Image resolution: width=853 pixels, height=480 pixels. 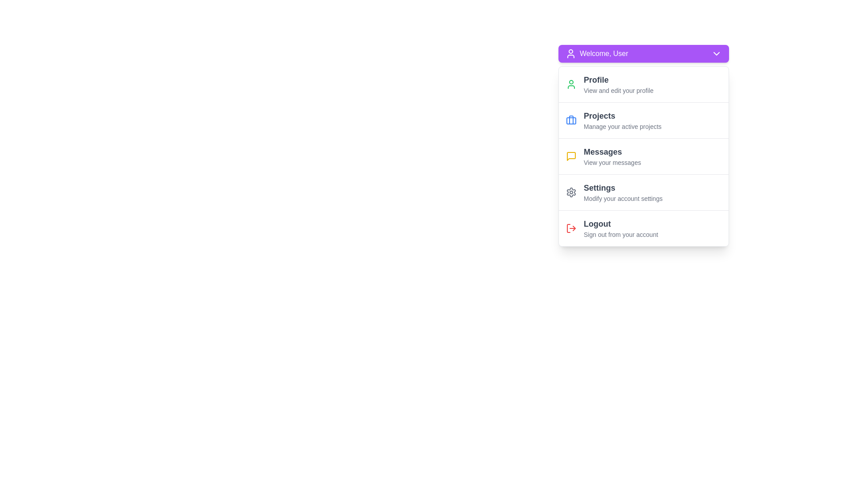 I want to click on the text label 'Modify your account settings' located below the 'Settings' title in the vertical navigation menu, so click(x=622, y=198).